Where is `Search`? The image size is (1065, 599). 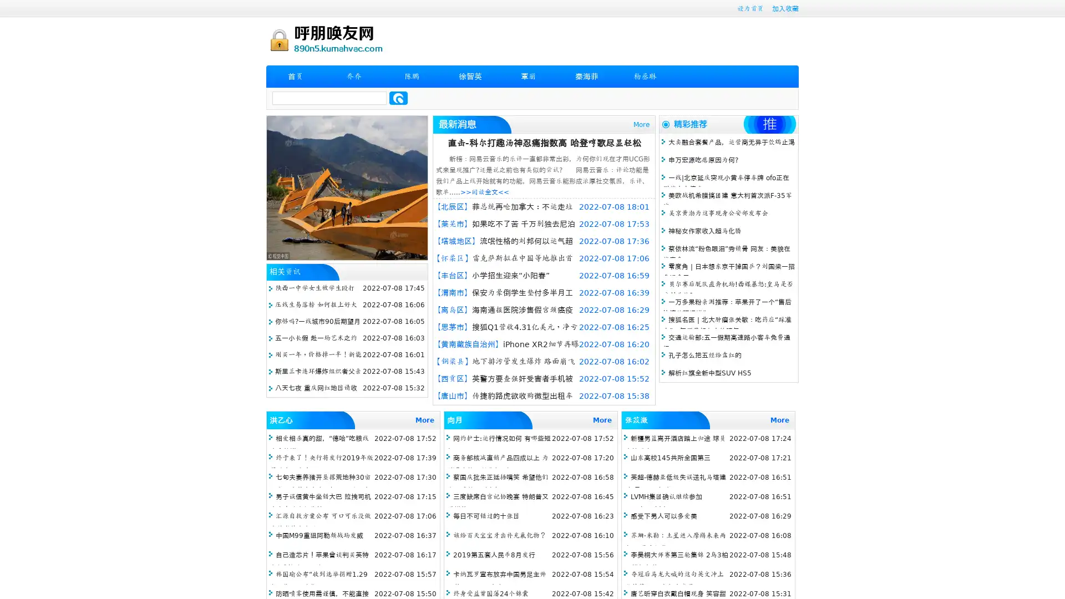 Search is located at coordinates (398, 98).